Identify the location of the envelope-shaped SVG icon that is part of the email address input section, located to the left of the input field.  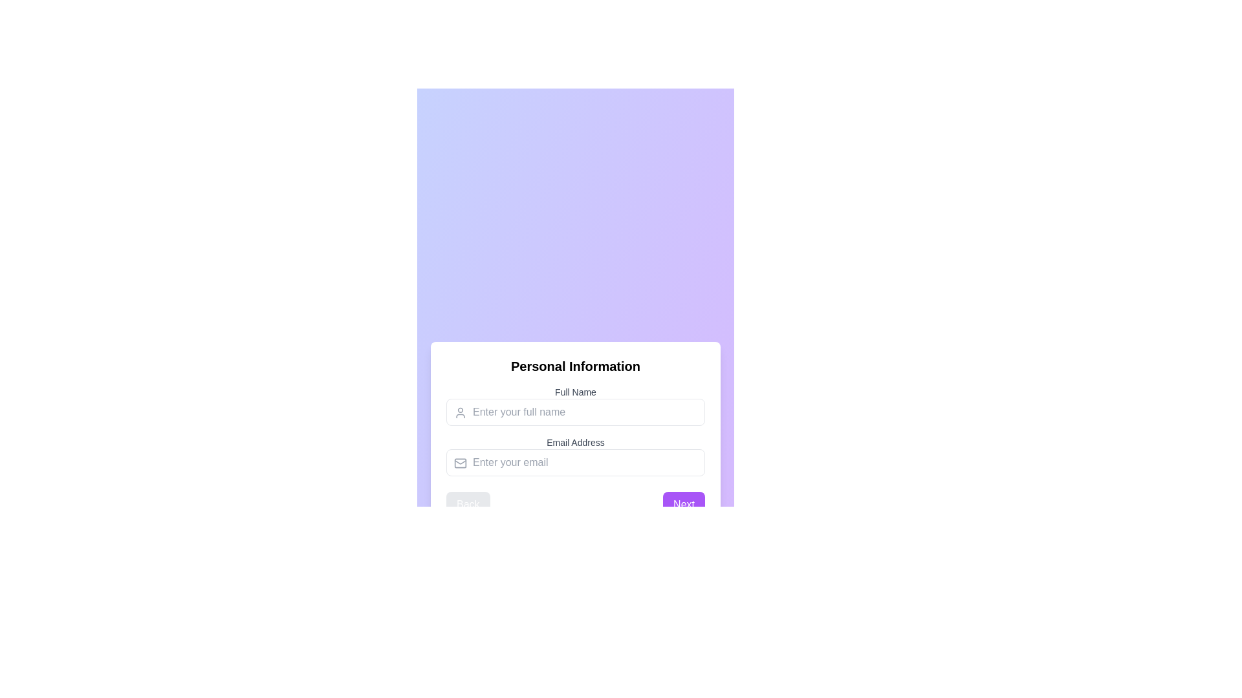
(460, 461).